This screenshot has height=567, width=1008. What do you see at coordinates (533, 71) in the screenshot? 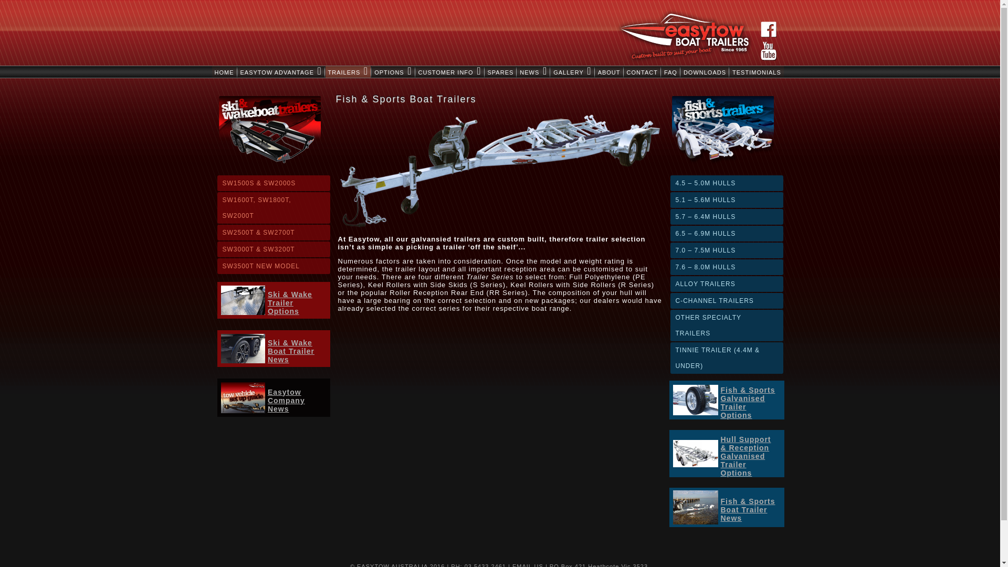
I see `'NEWS'` at bounding box center [533, 71].